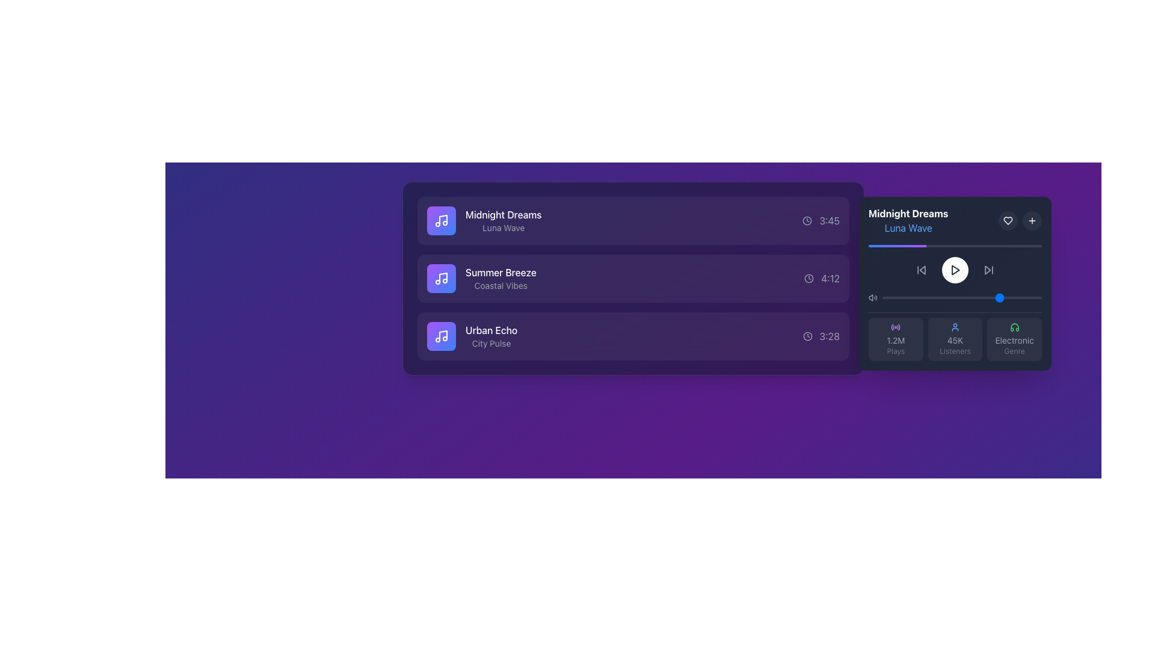  Describe the element at coordinates (472, 336) in the screenshot. I see `the third item in the list of tracks` at that location.